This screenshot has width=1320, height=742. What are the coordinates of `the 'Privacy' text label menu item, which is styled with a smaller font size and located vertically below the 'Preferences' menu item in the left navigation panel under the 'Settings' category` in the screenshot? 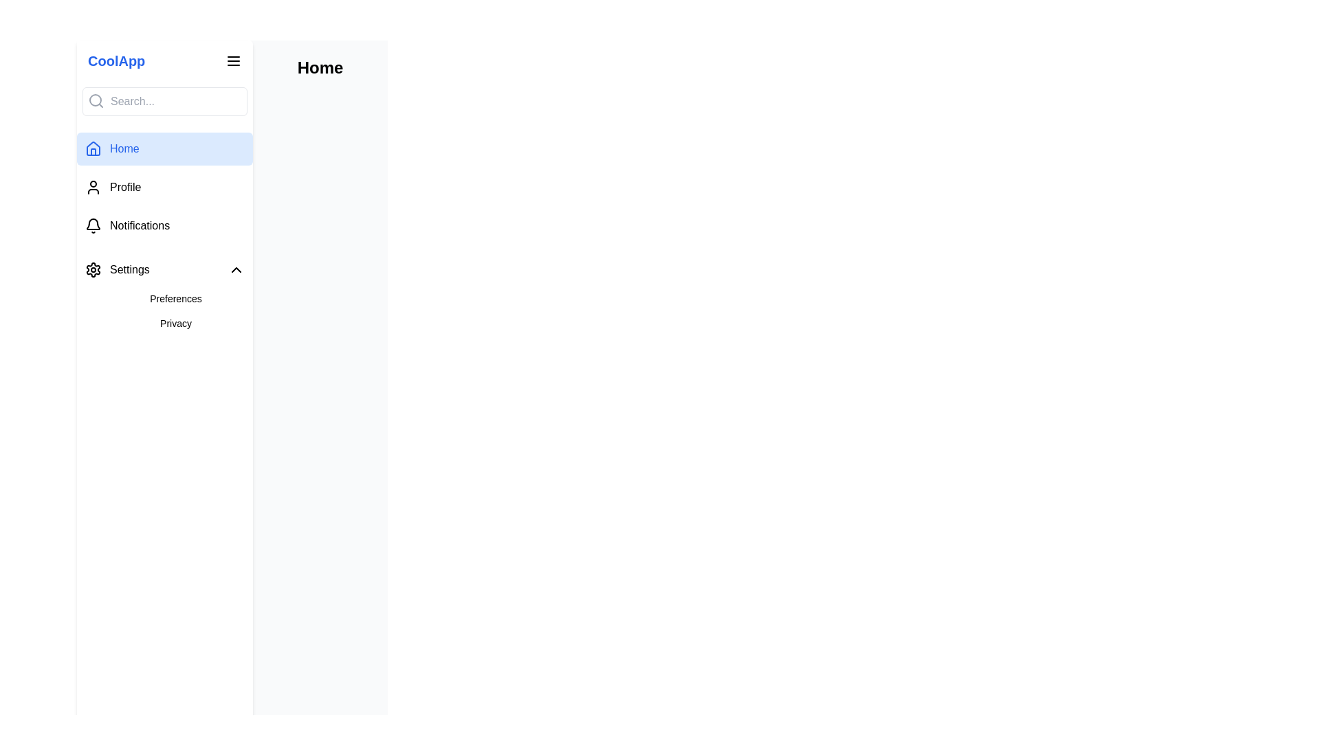 It's located at (175, 323).